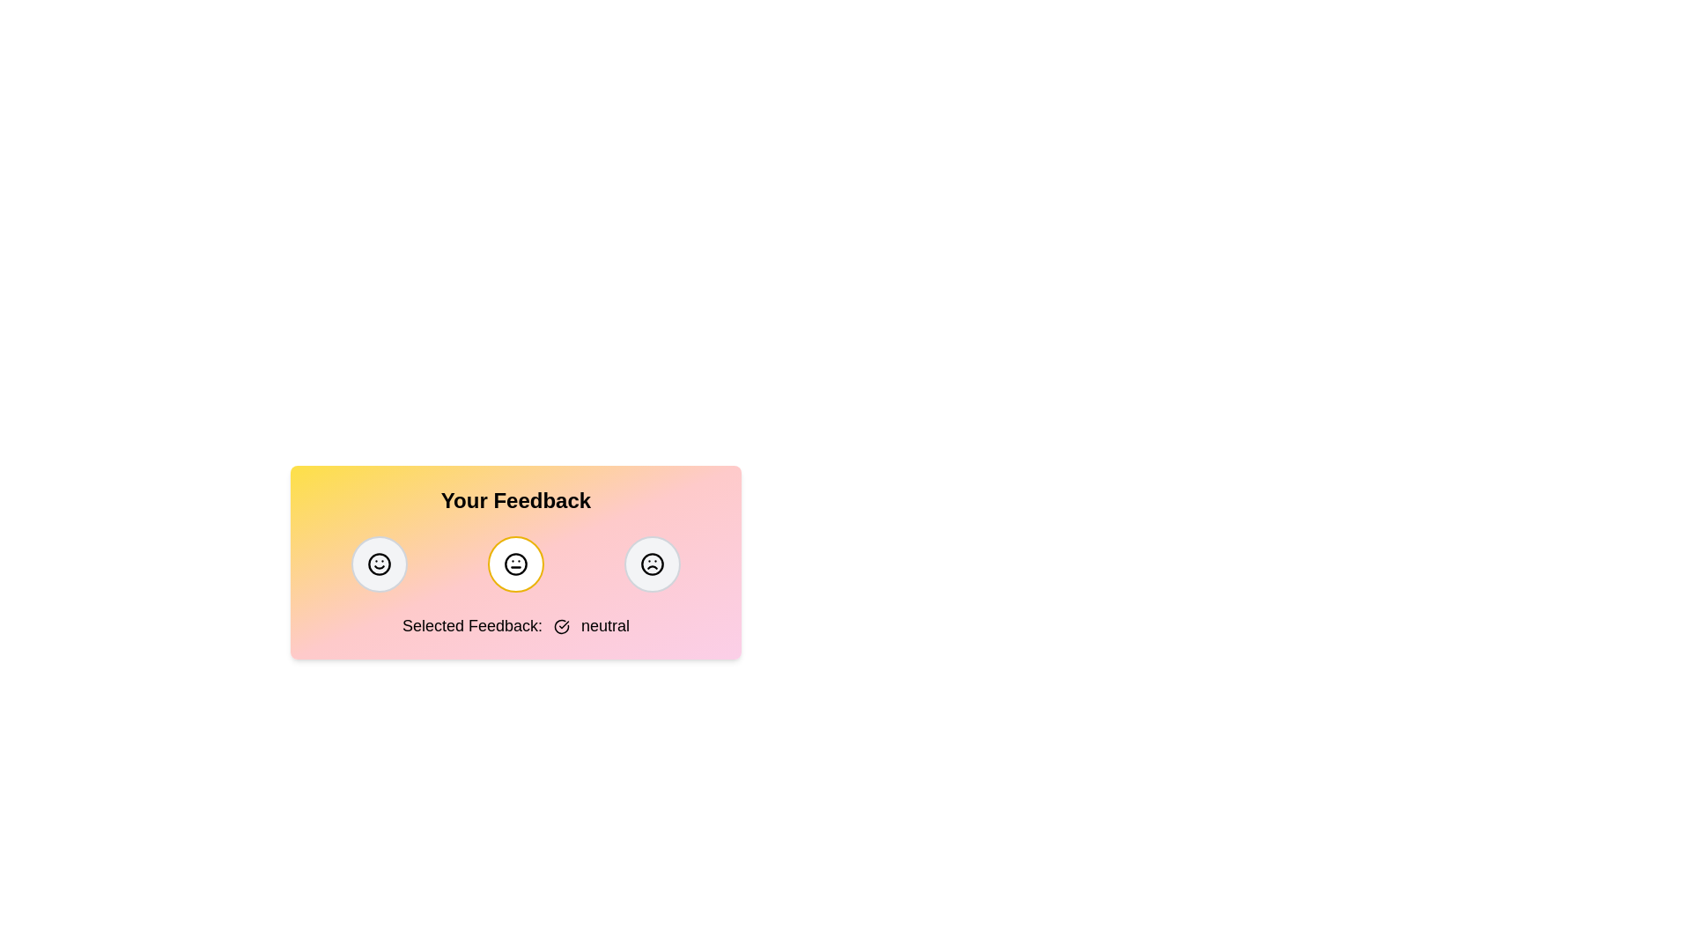  Describe the element at coordinates (514, 564) in the screenshot. I see `the feedback button corresponding to neutral` at that location.